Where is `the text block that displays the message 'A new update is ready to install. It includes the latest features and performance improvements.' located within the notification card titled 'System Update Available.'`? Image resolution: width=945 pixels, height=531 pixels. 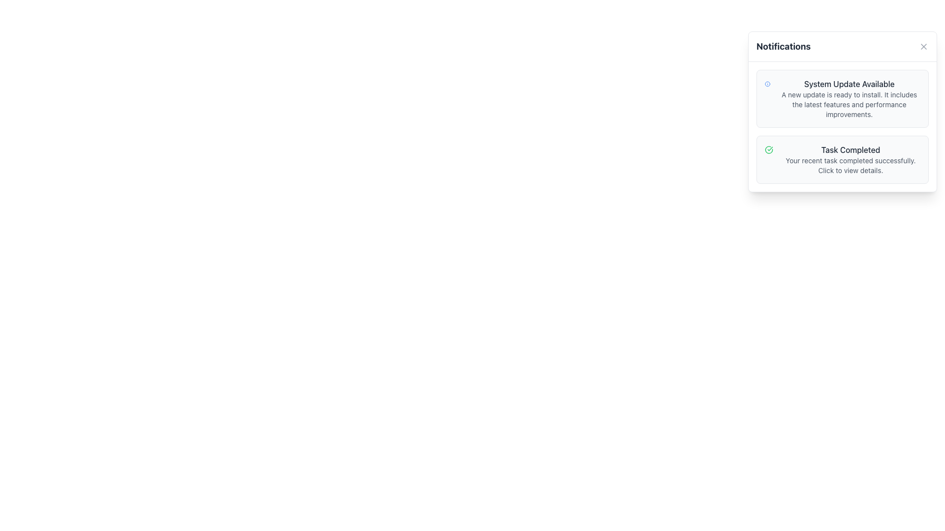
the text block that displays the message 'A new update is ready to install. It includes the latest features and performance improvements.' located within the notification card titled 'System Update Available.' is located at coordinates (849, 104).